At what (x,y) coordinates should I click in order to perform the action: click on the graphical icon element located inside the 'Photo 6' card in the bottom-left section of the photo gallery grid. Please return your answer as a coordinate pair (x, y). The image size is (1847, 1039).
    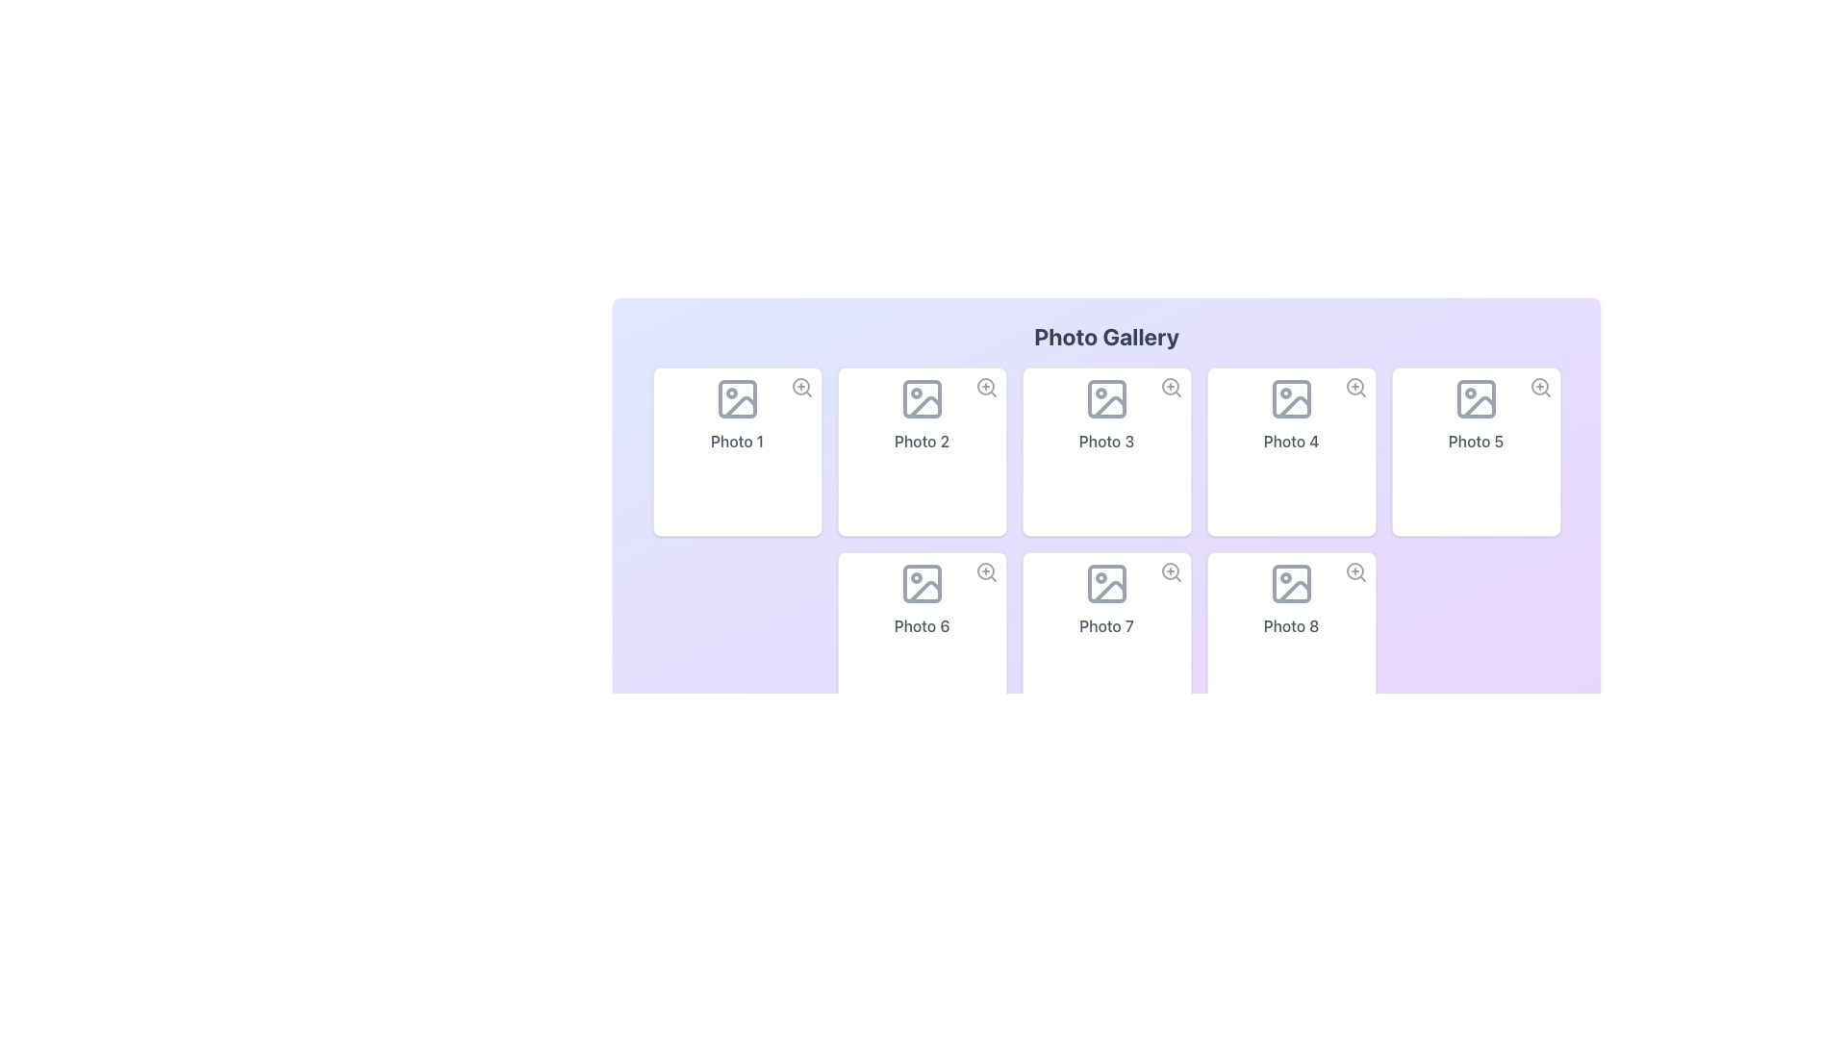
    Looking at the image, I should click on (921, 582).